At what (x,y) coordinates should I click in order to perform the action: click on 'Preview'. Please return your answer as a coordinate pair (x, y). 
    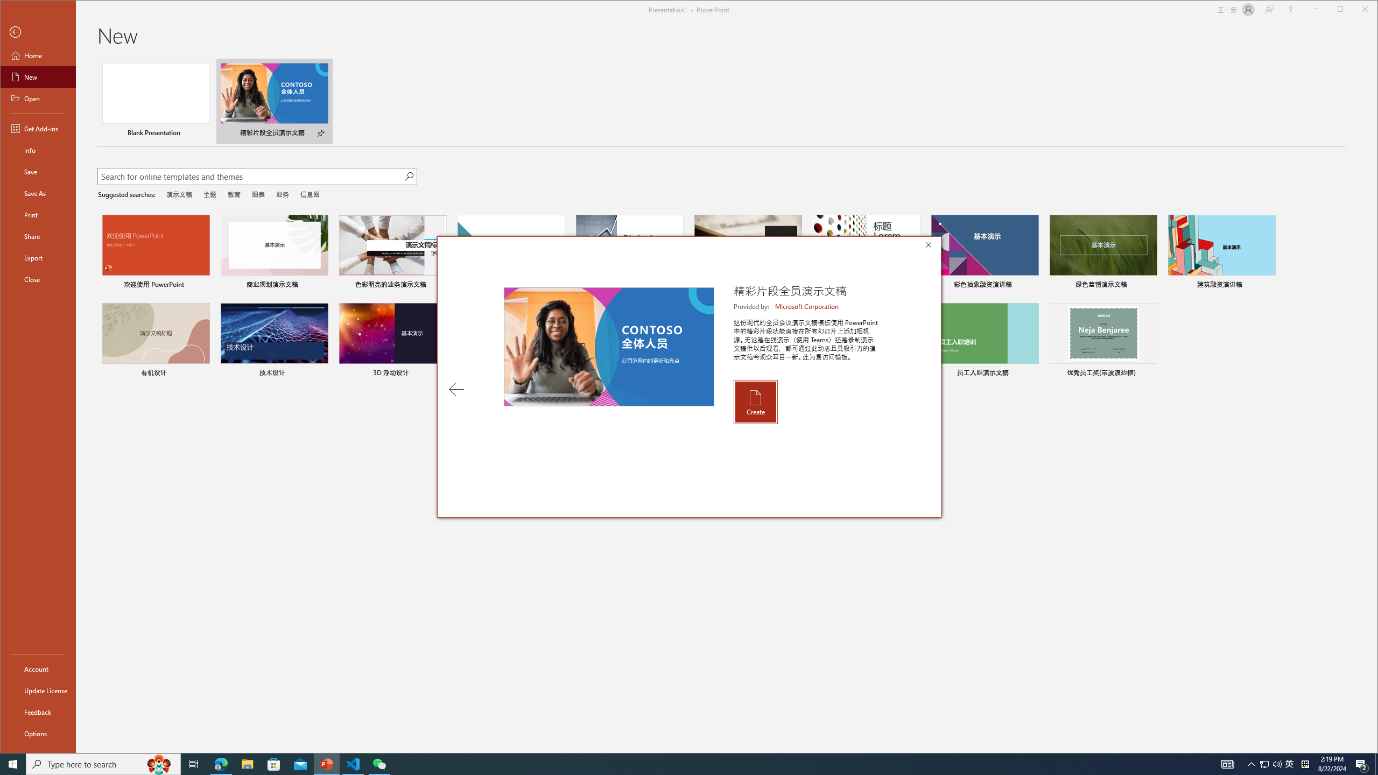
    Looking at the image, I should click on (608, 347).